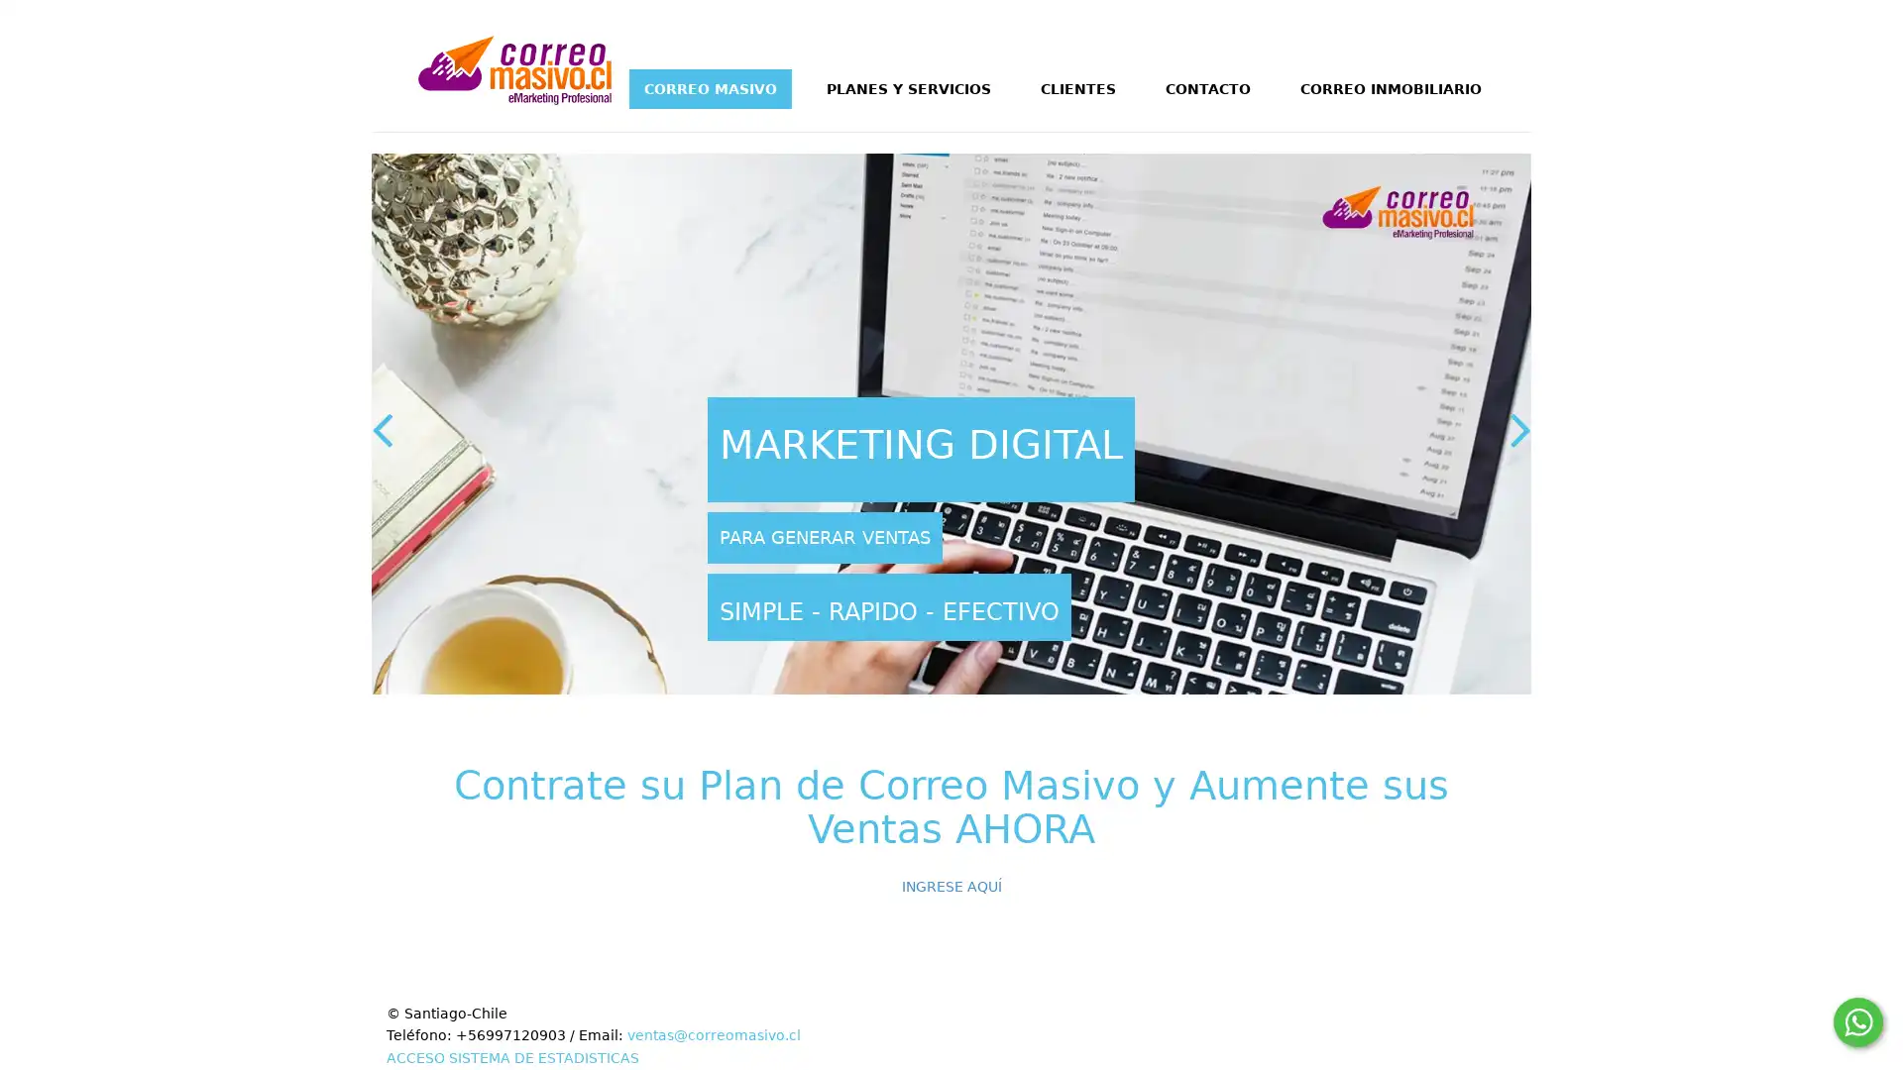 The height and width of the screenshot is (1070, 1903). Describe the element at coordinates (920, 450) in the screenshot. I see `MARKETING DIGITAL` at that location.